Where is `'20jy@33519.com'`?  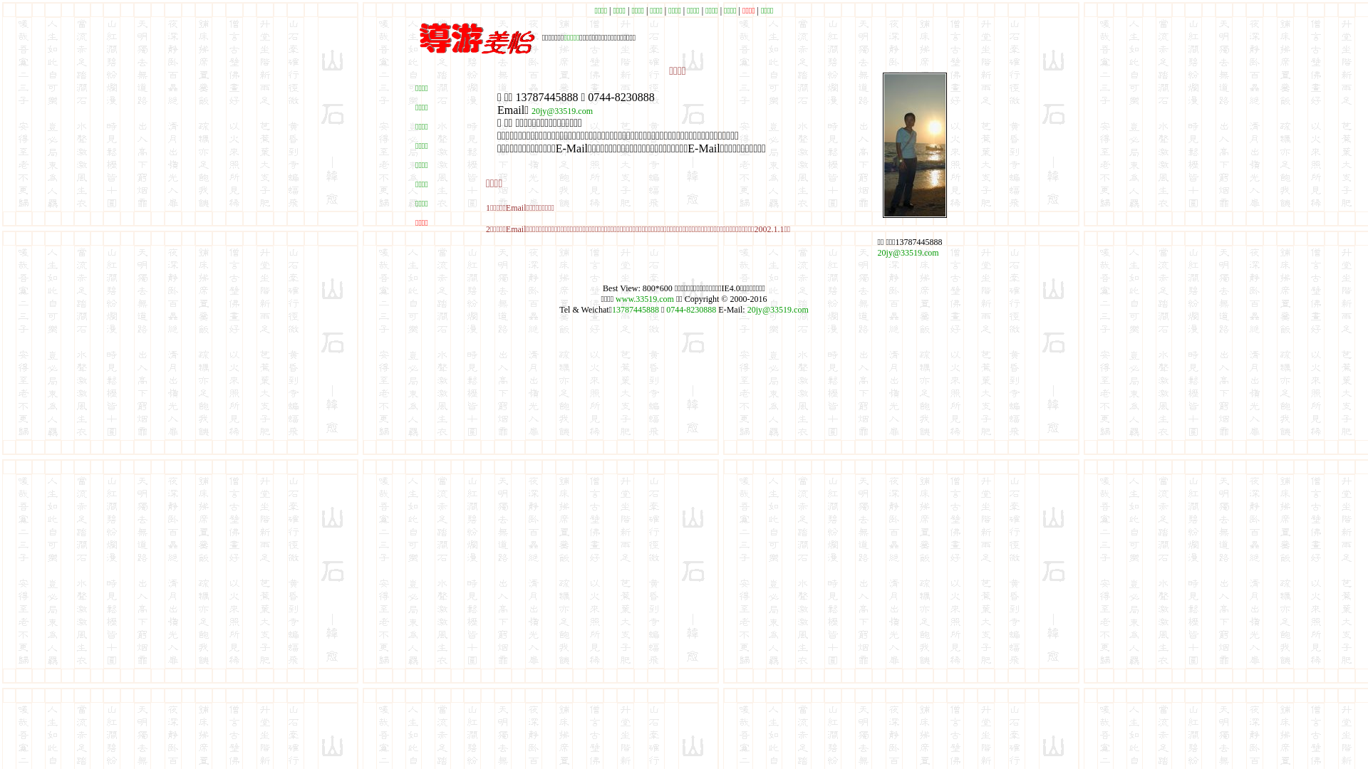
'20jy@33519.com' is located at coordinates (777, 309).